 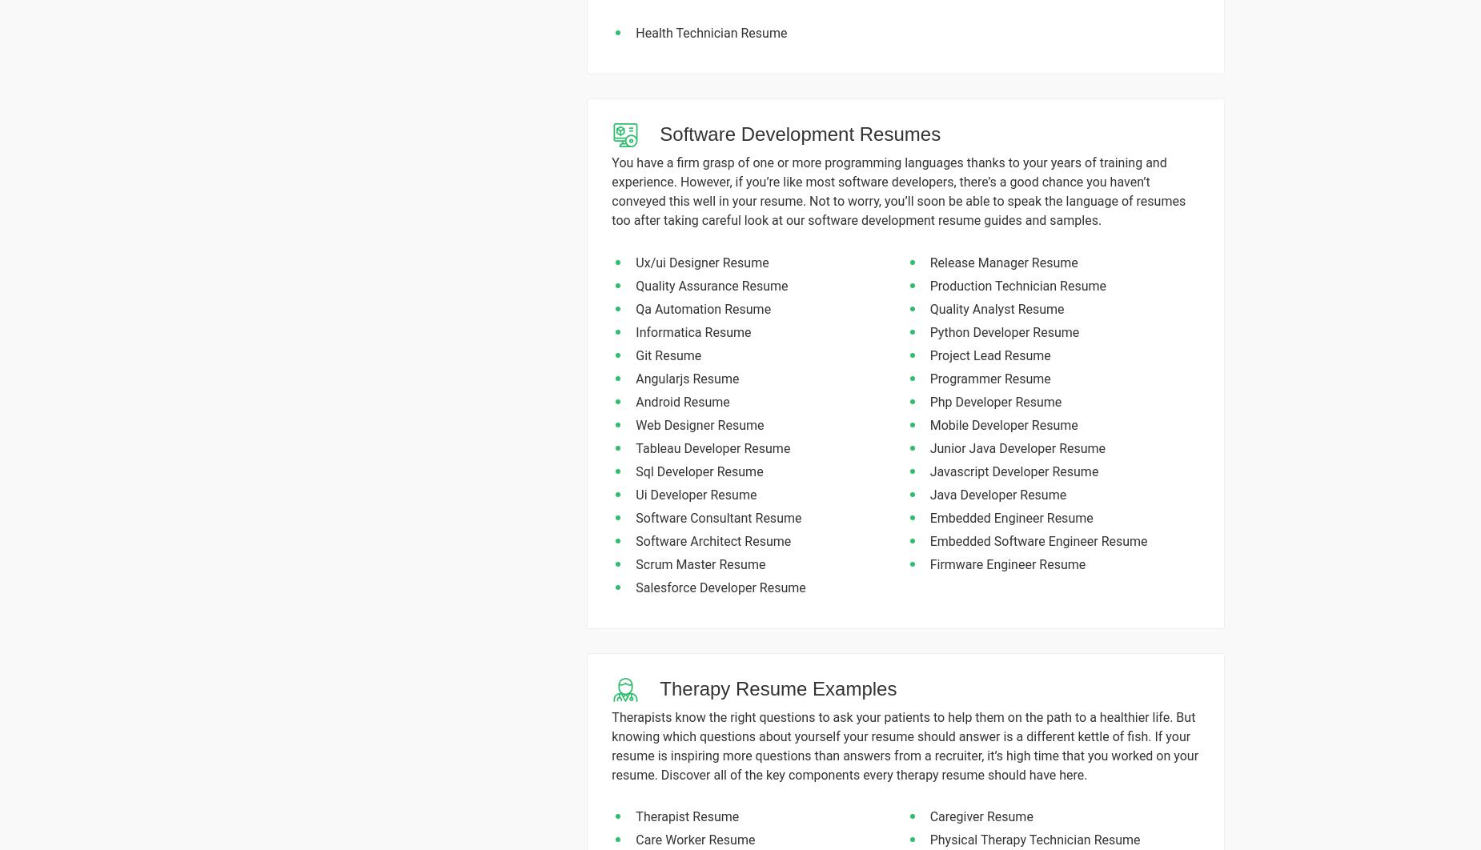 I want to click on 'Junior Java Developer Resume', so click(x=1016, y=447).